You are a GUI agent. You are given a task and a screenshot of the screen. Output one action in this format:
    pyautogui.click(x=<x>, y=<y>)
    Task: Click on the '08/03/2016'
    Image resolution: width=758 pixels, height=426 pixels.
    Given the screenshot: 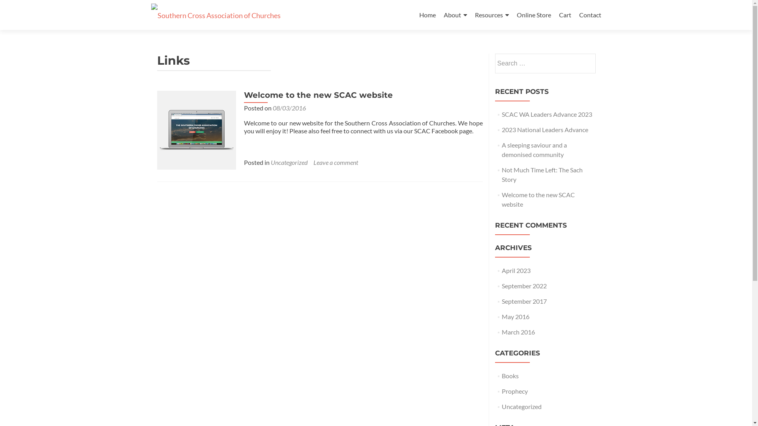 What is the action you would take?
    pyautogui.click(x=272, y=108)
    